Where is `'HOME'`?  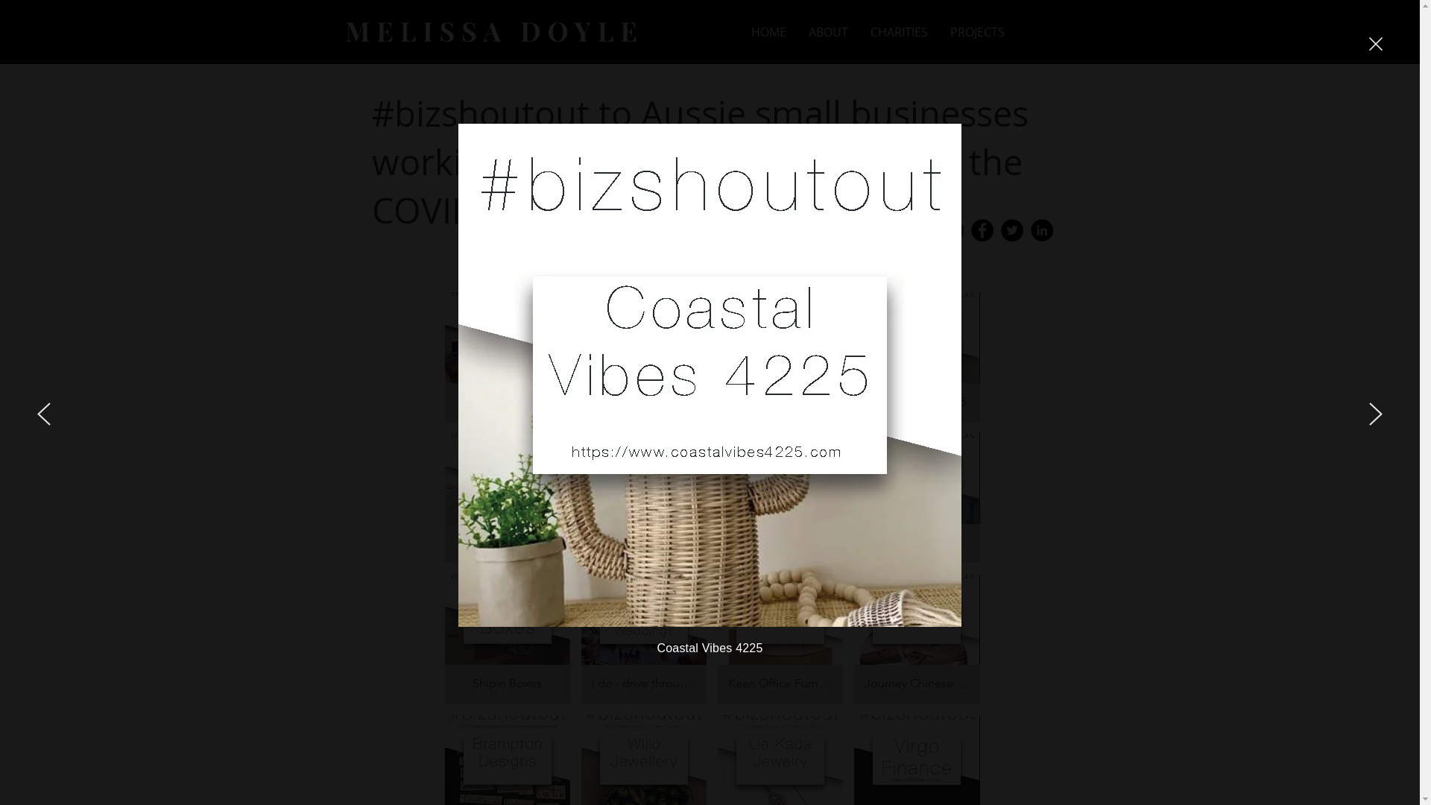
'HOME' is located at coordinates (768, 32).